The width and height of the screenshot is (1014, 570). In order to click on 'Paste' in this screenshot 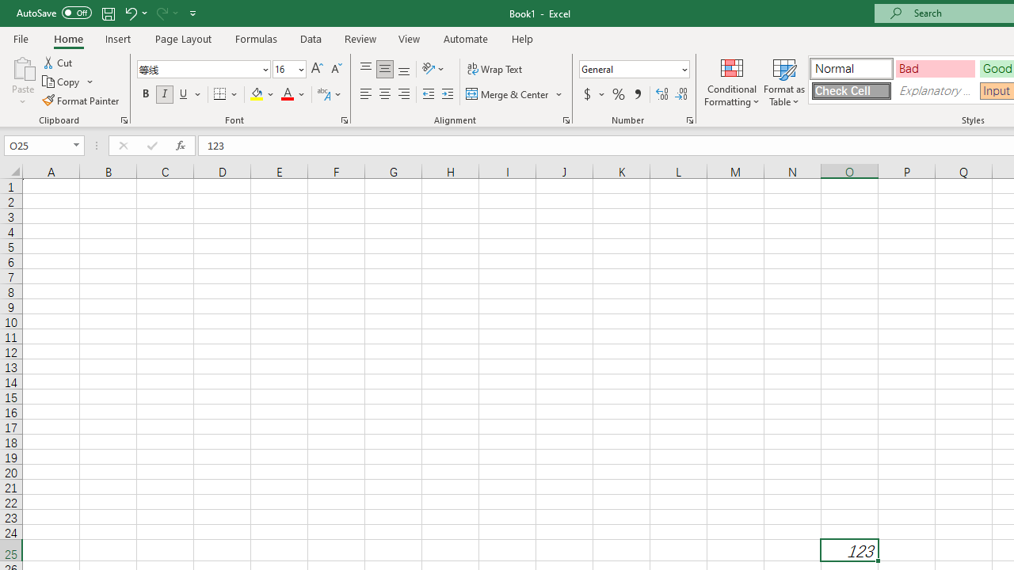, I will do `click(22, 82)`.